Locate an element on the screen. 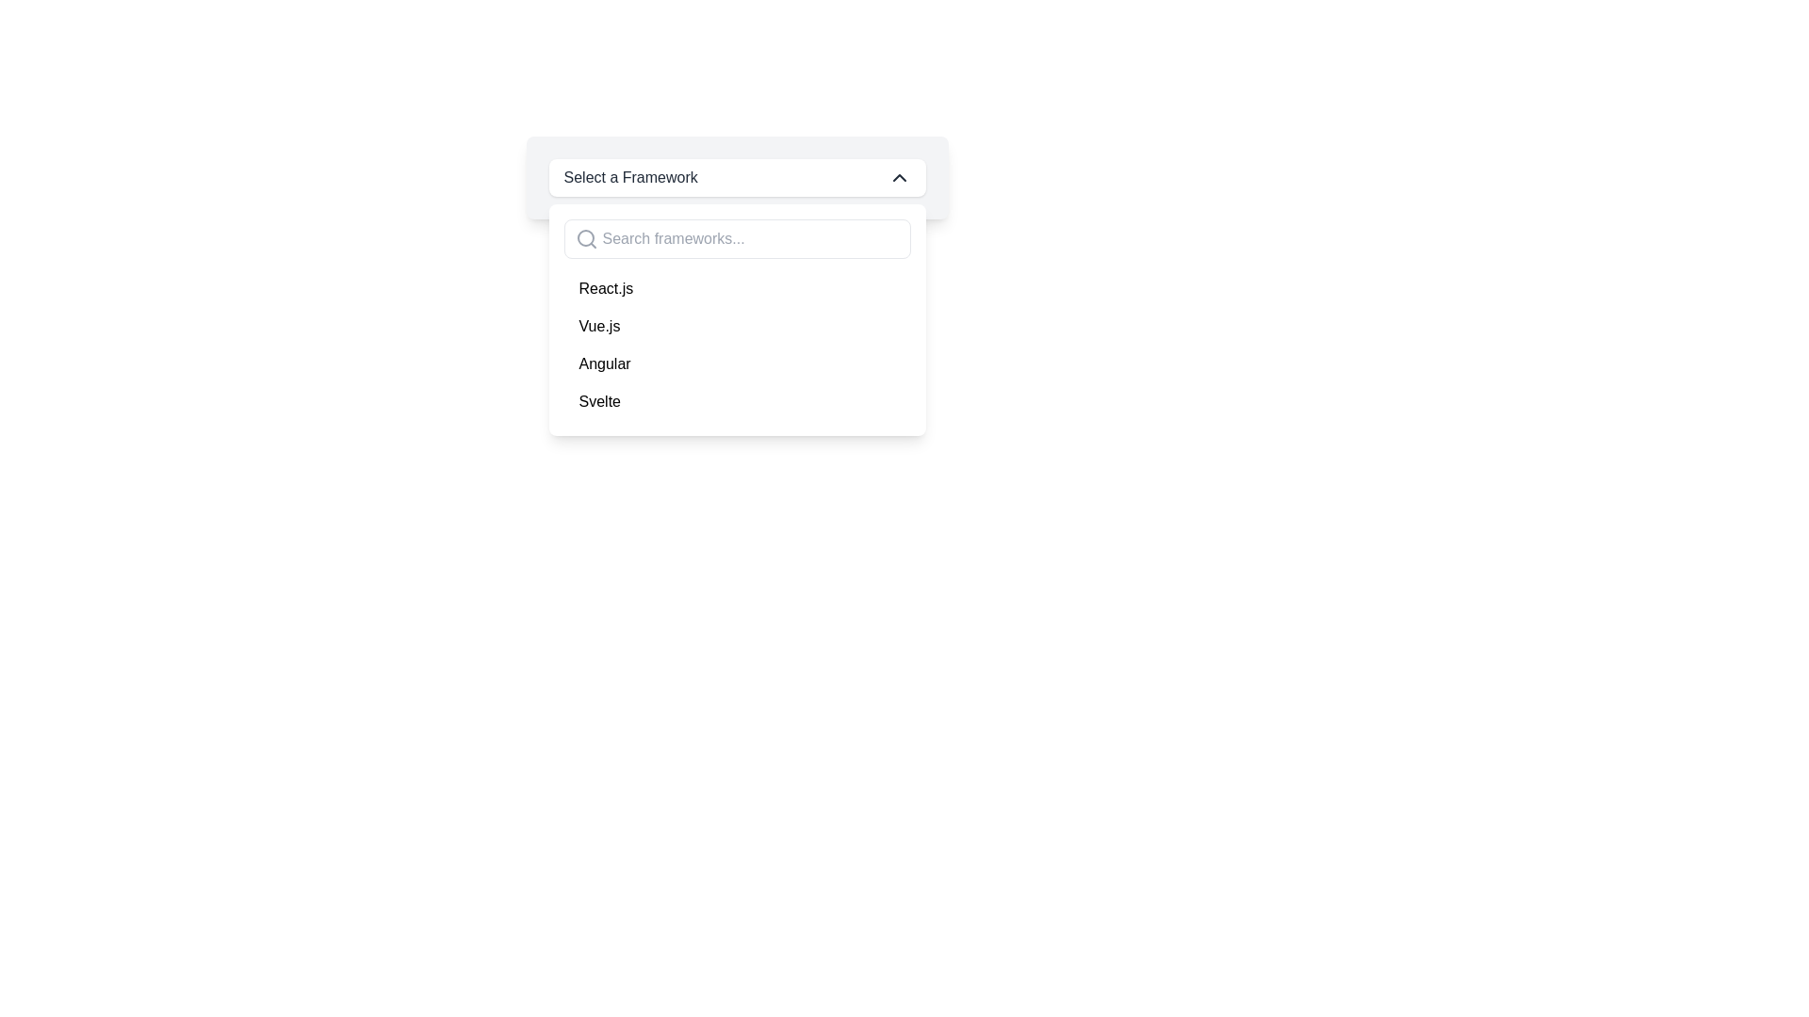 This screenshot has width=1809, height=1017. the 'React.js' option in the dropdown menu is located at coordinates (606, 289).